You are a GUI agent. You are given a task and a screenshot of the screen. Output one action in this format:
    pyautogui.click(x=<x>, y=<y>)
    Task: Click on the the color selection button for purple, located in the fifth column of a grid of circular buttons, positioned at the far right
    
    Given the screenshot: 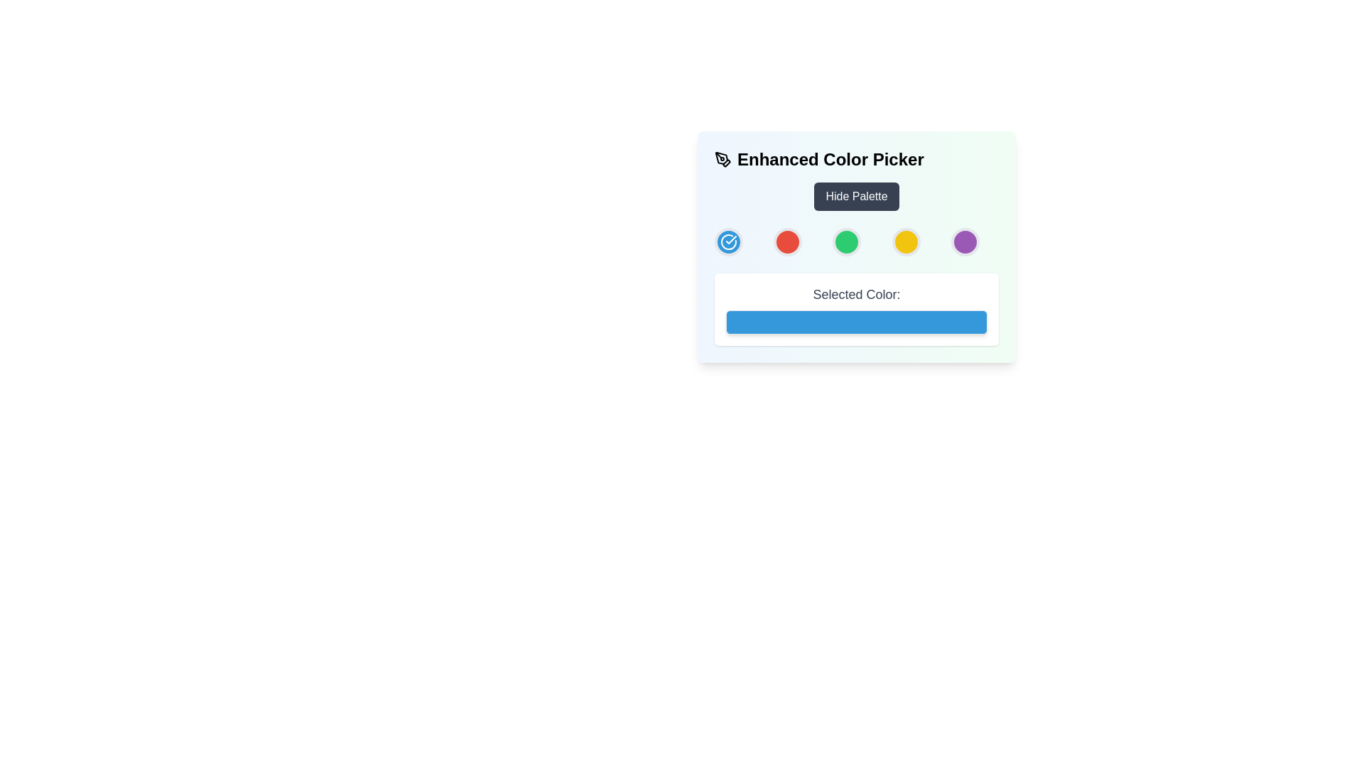 What is the action you would take?
    pyautogui.click(x=965, y=241)
    